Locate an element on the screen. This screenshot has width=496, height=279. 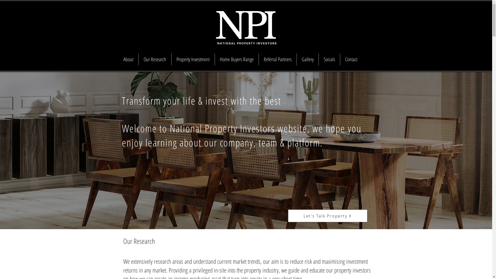
'Home Buyers Range' is located at coordinates (236, 59).